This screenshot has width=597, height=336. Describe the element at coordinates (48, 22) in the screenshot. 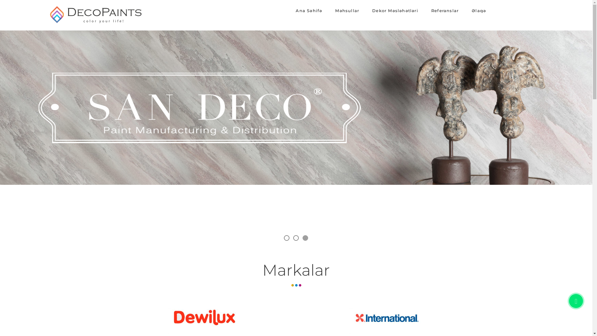

I see `'DecoPaints - Painting Company'` at that location.